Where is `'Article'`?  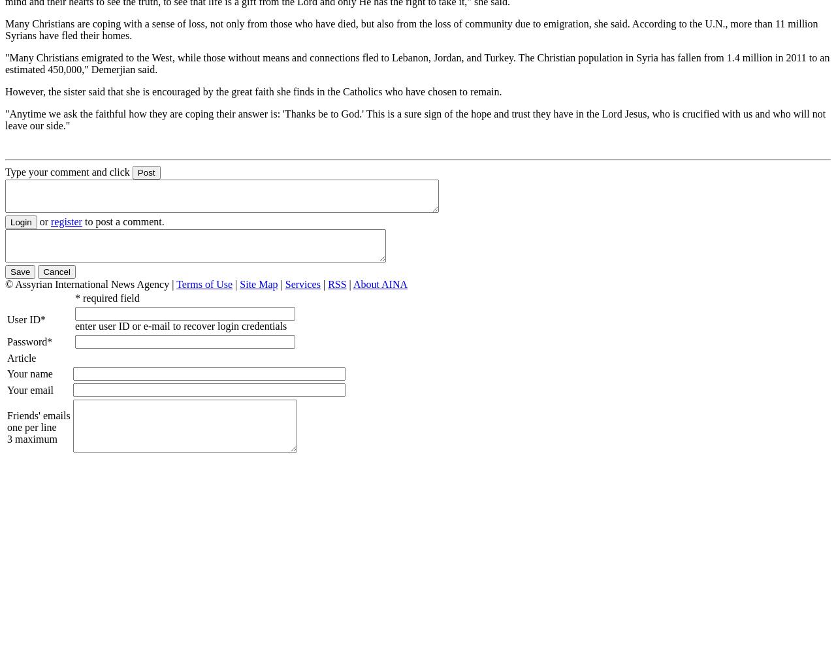
'Article' is located at coordinates (22, 358).